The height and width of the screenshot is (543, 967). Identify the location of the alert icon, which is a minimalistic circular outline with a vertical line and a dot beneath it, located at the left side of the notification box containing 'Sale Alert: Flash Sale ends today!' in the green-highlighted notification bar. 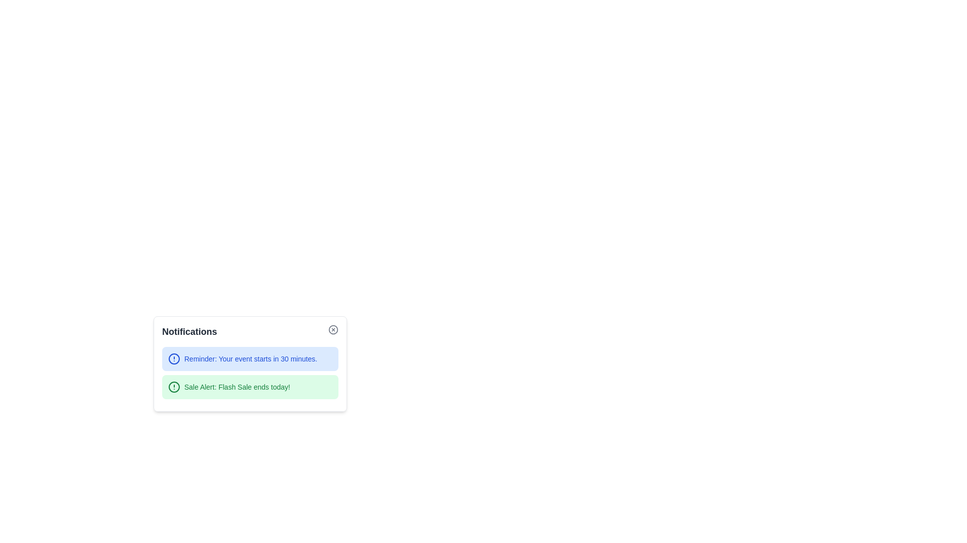
(174, 387).